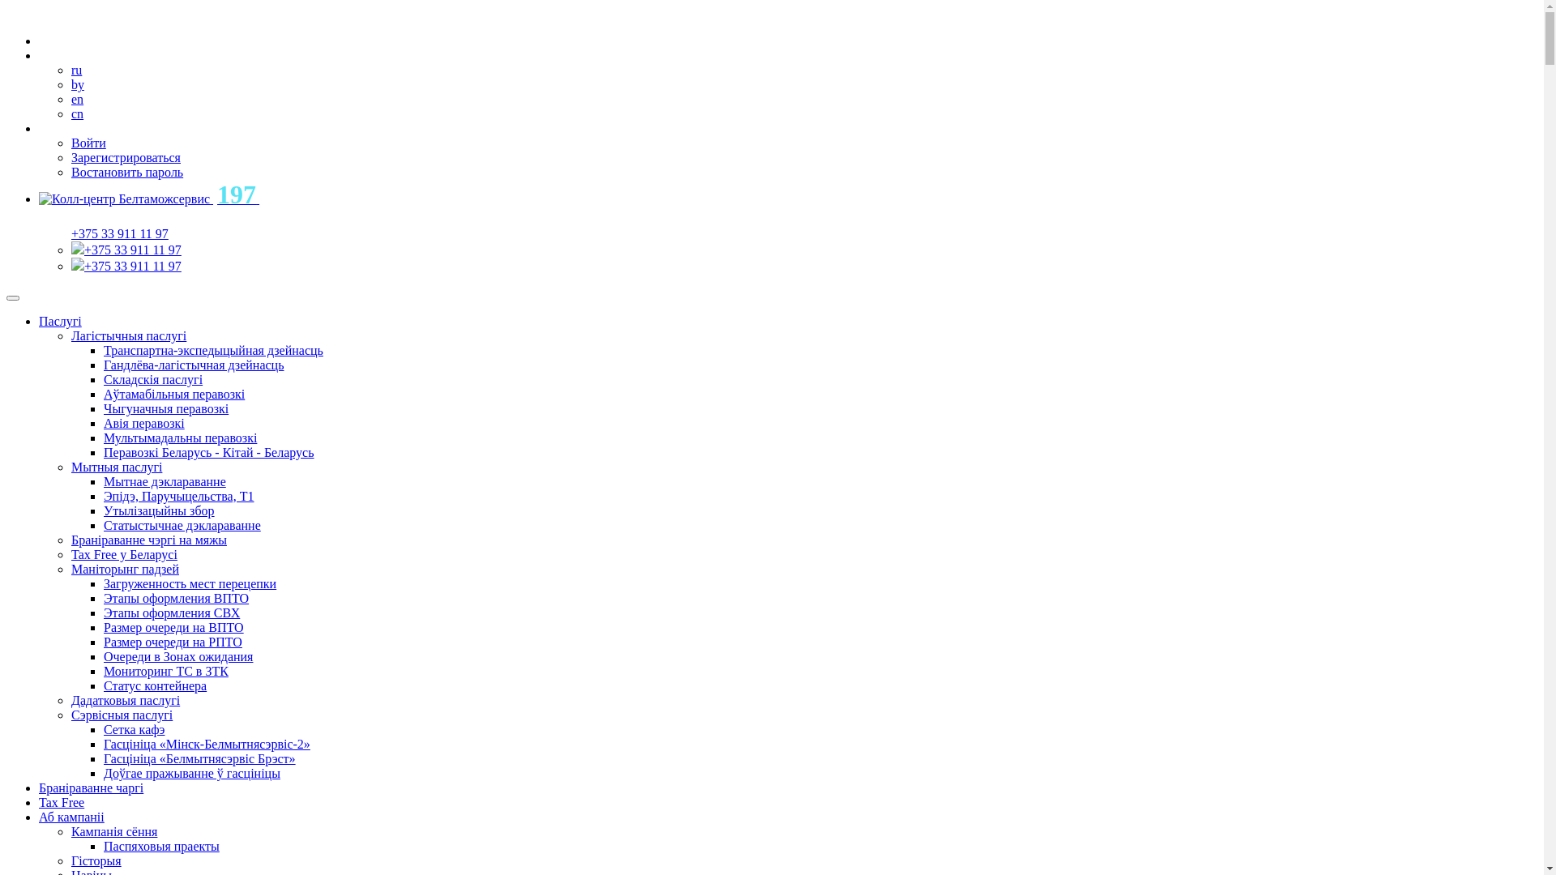 This screenshot has width=1556, height=875. I want to click on '+375 33 911 11 97', so click(132, 265).